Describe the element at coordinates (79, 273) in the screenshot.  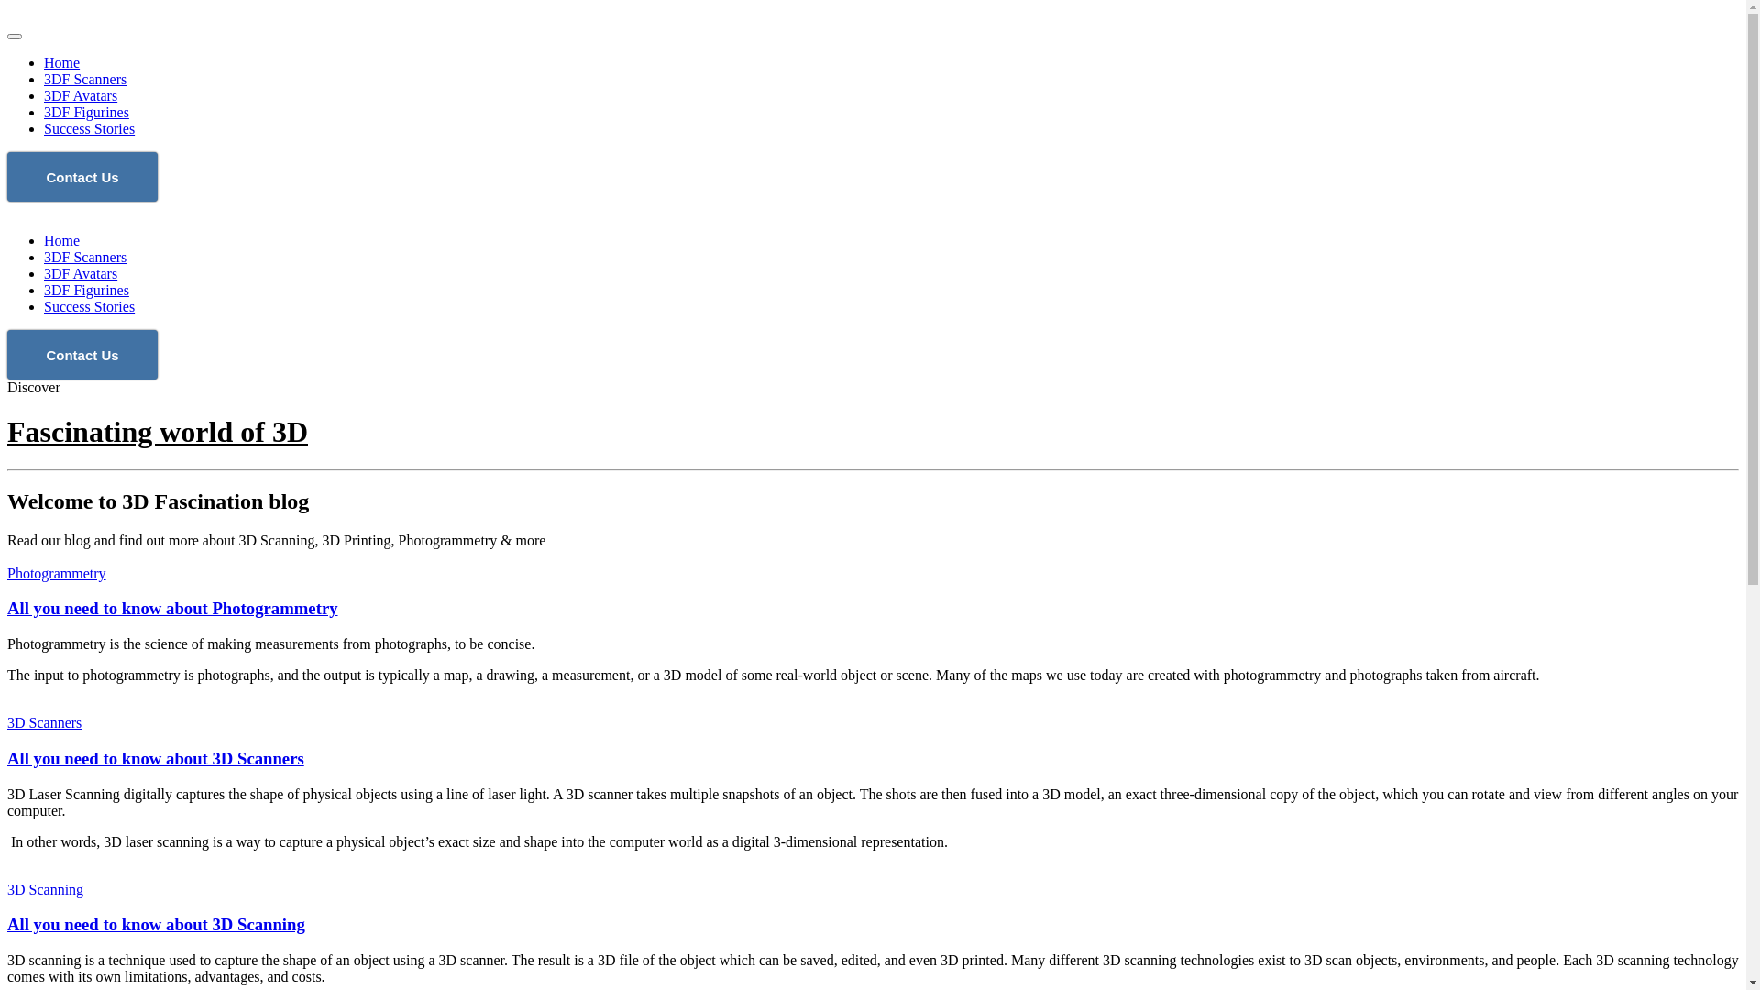
I see `'3DF Avatars'` at that location.